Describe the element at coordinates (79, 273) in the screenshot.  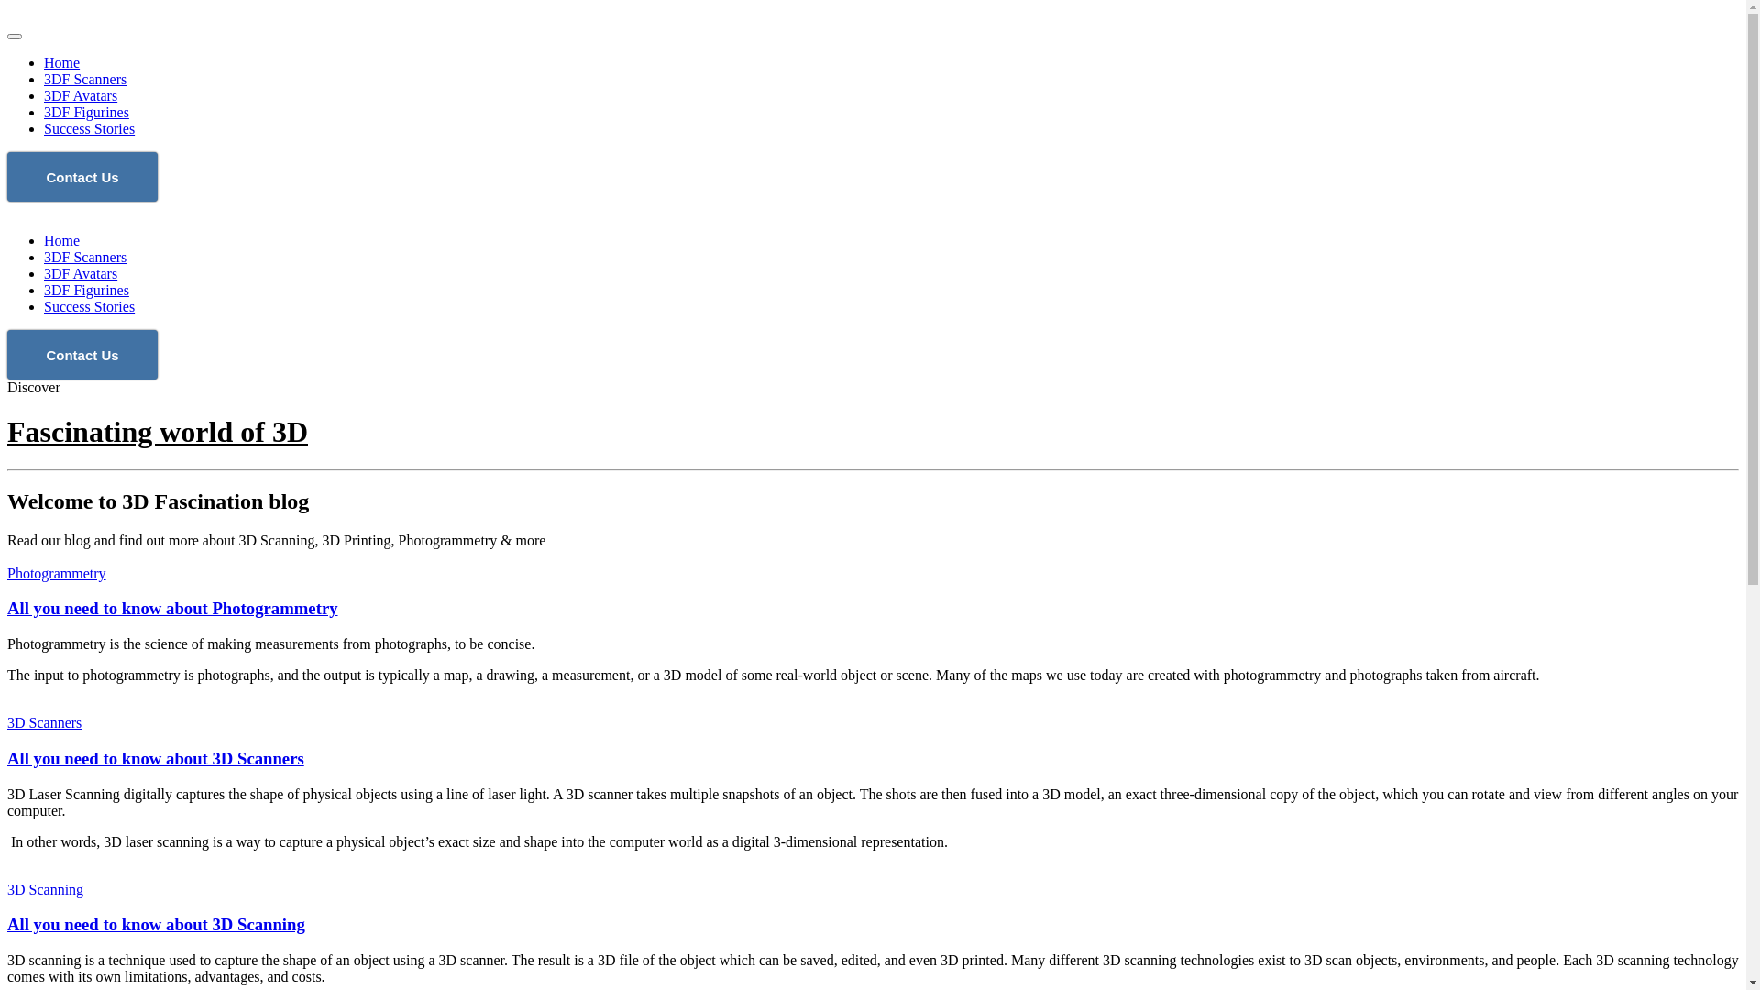
I see `'3DF Avatars'` at that location.